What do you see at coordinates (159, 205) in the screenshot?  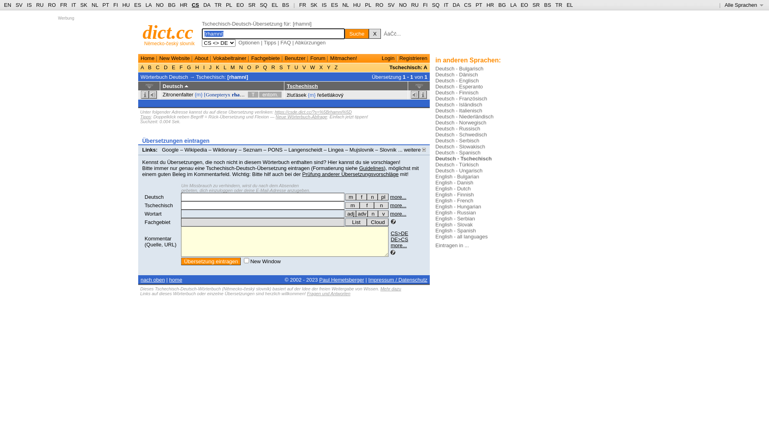 I see `'Tschechisch'` at bounding box center [159, 205].